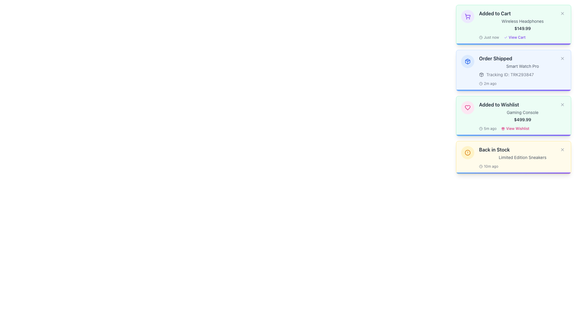 Image resolution: width=576 pixels, height=324 pixels. Describe the element at coordinates (467, 107) in the screenshot. I see `the Decorative icon located at the top-left corner of the 'Added to Wishlist' notification card, which visually represents interactions related to favoriting an item` at that location.